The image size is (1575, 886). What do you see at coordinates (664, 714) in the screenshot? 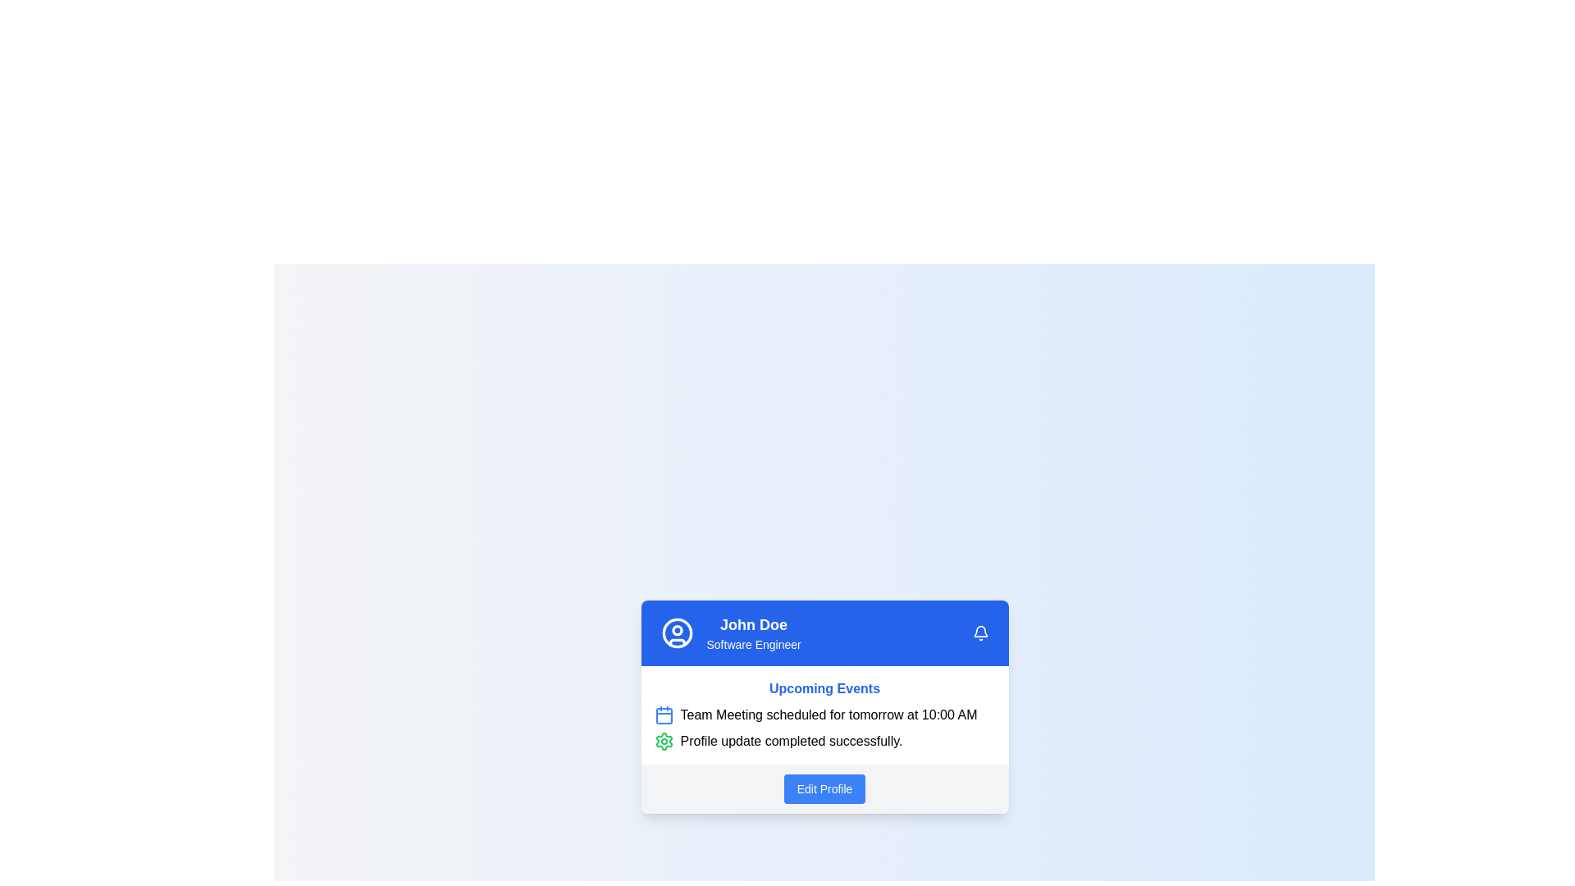
I see `the calendar icon that represents event information for the 'Team Meeting scheduled for tomorrow at 10:00 AM' text, located on the leftmost side of the text` at bounding box center [664, 714].